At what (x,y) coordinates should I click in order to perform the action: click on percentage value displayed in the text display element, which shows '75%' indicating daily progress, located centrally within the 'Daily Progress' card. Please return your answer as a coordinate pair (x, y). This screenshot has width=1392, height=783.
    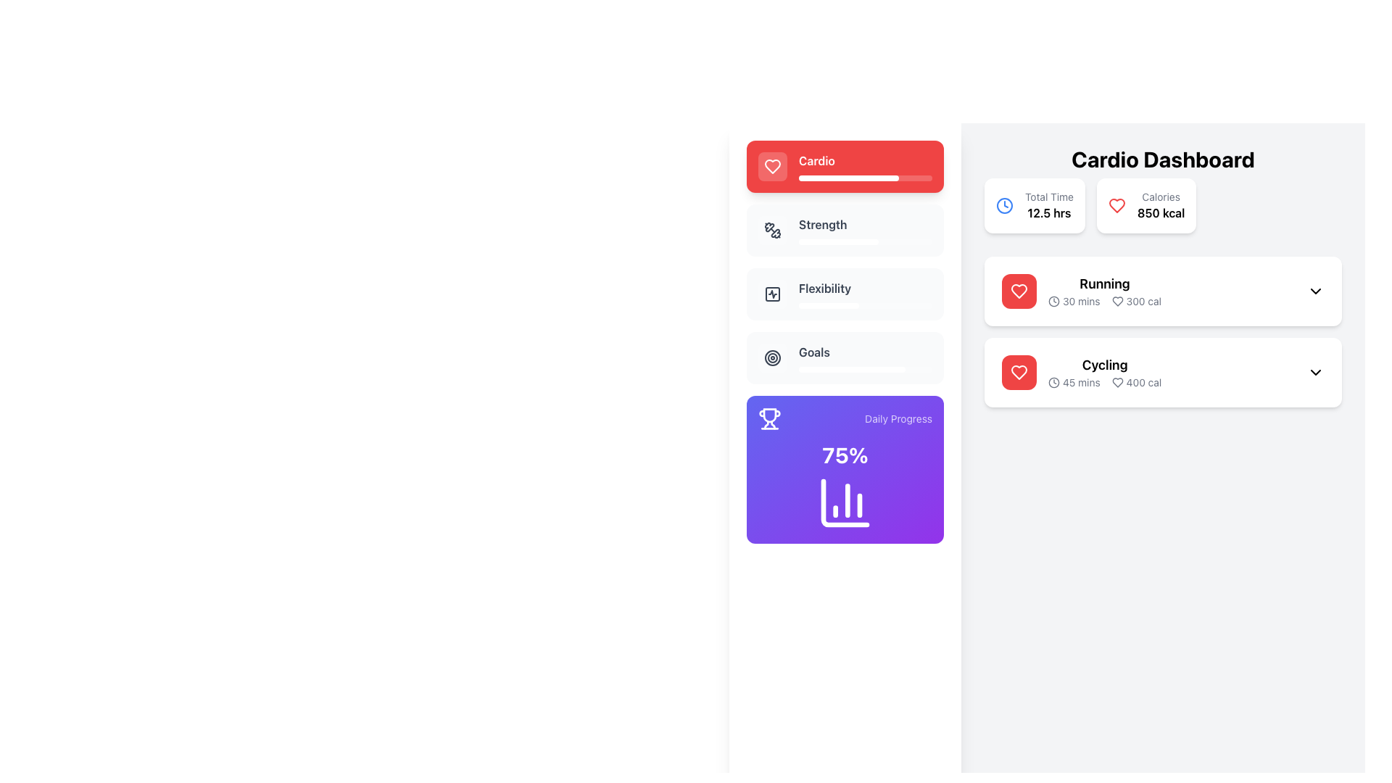
    Looking at the image, I should click on (845, 455).